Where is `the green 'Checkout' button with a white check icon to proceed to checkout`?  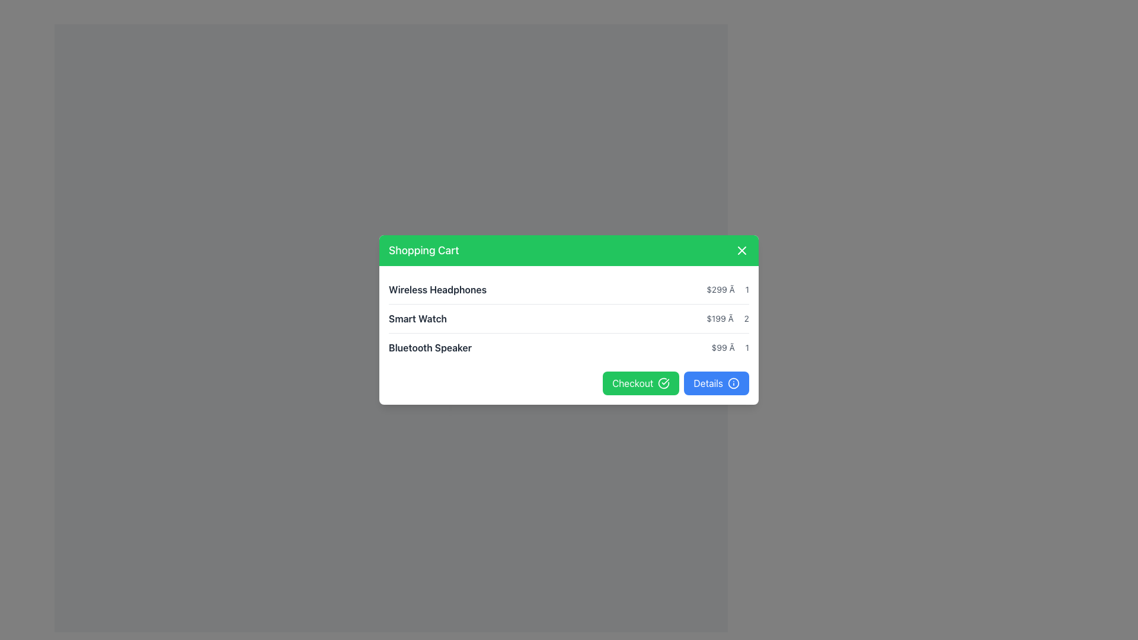 the green 'Checkout' button with a white check icon to proceed to checkout is located at coordinates (640, 383).